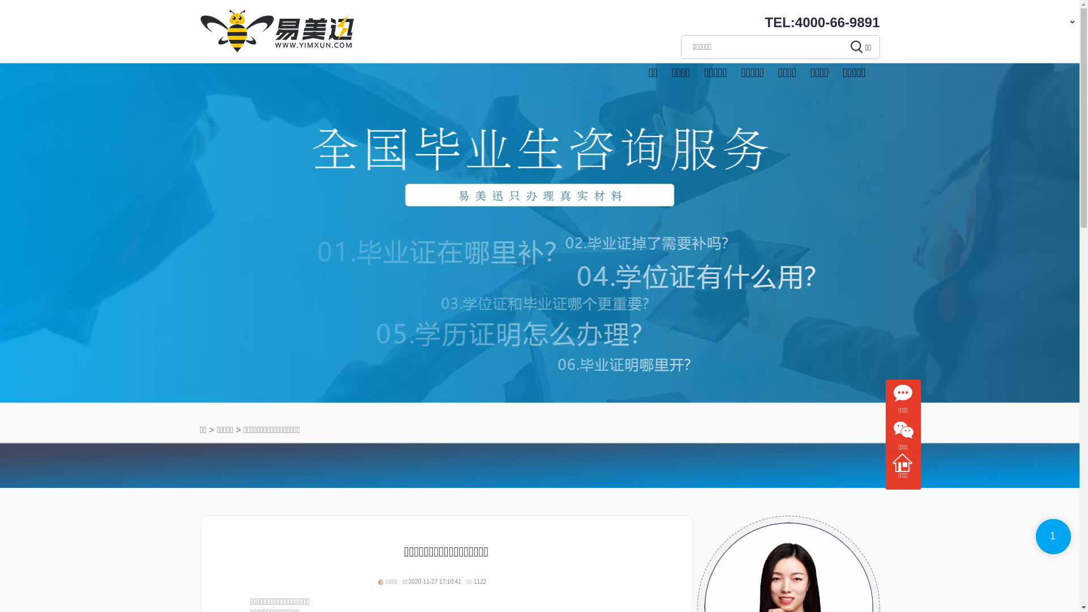 This screenshot has width=1088, height=612. What do you see at coordinates (1052, 536) in the screenshot?
I see `'1'` at bounding box center [1052, 536].